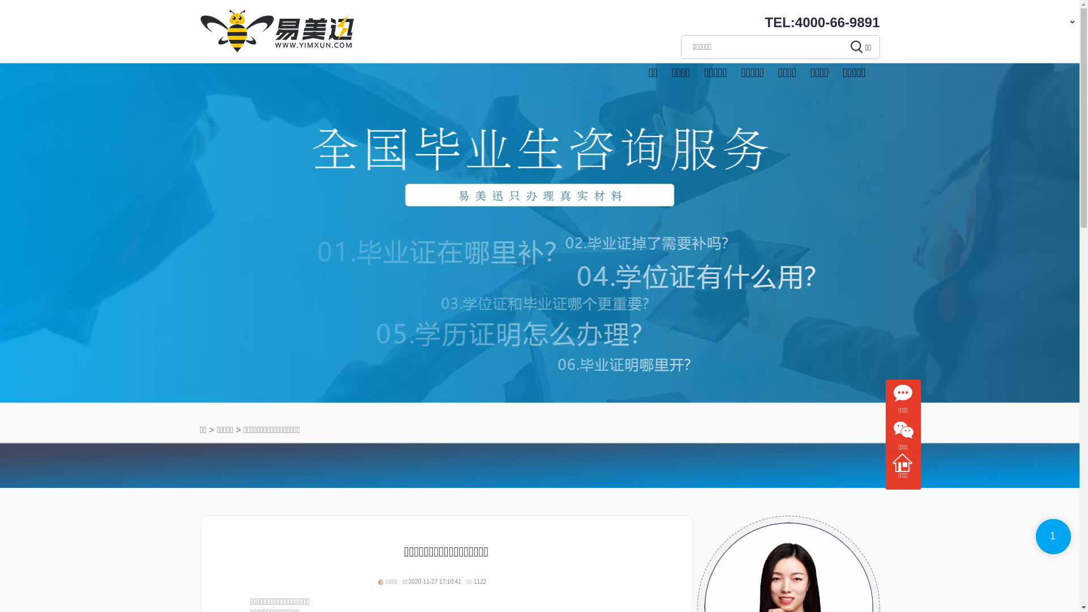 This screenshot has width=1088, height=612. What do you see at coordinates (1052, 536) in the screenshot?
I see `'1'` at bounding box center [1052, 536].